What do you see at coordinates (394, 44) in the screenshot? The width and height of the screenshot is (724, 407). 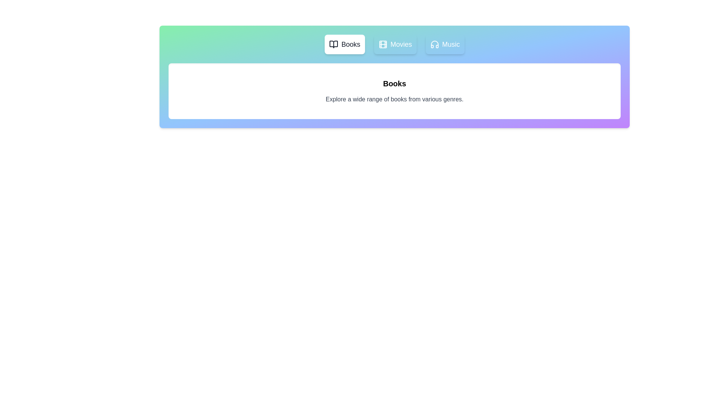 I see `the Movies tab to view its content` at bounding box center [394, 44].